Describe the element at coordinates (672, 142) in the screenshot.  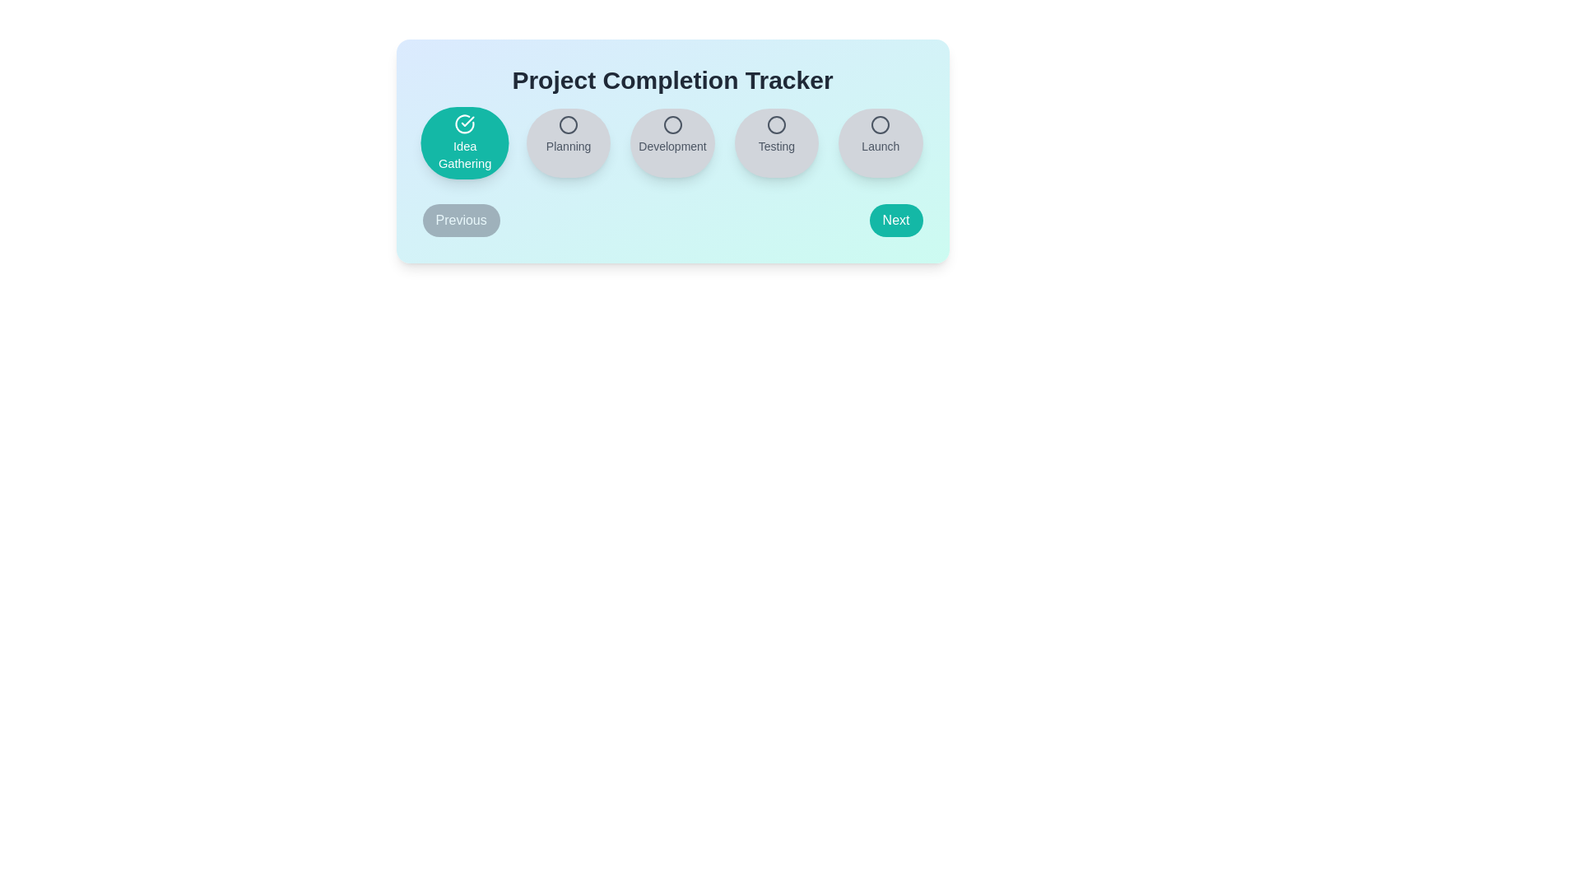
I see `the circular button labeled 'Development' with a light gray background, positioned below the heading 'Project Completion Tracker'` at that location.